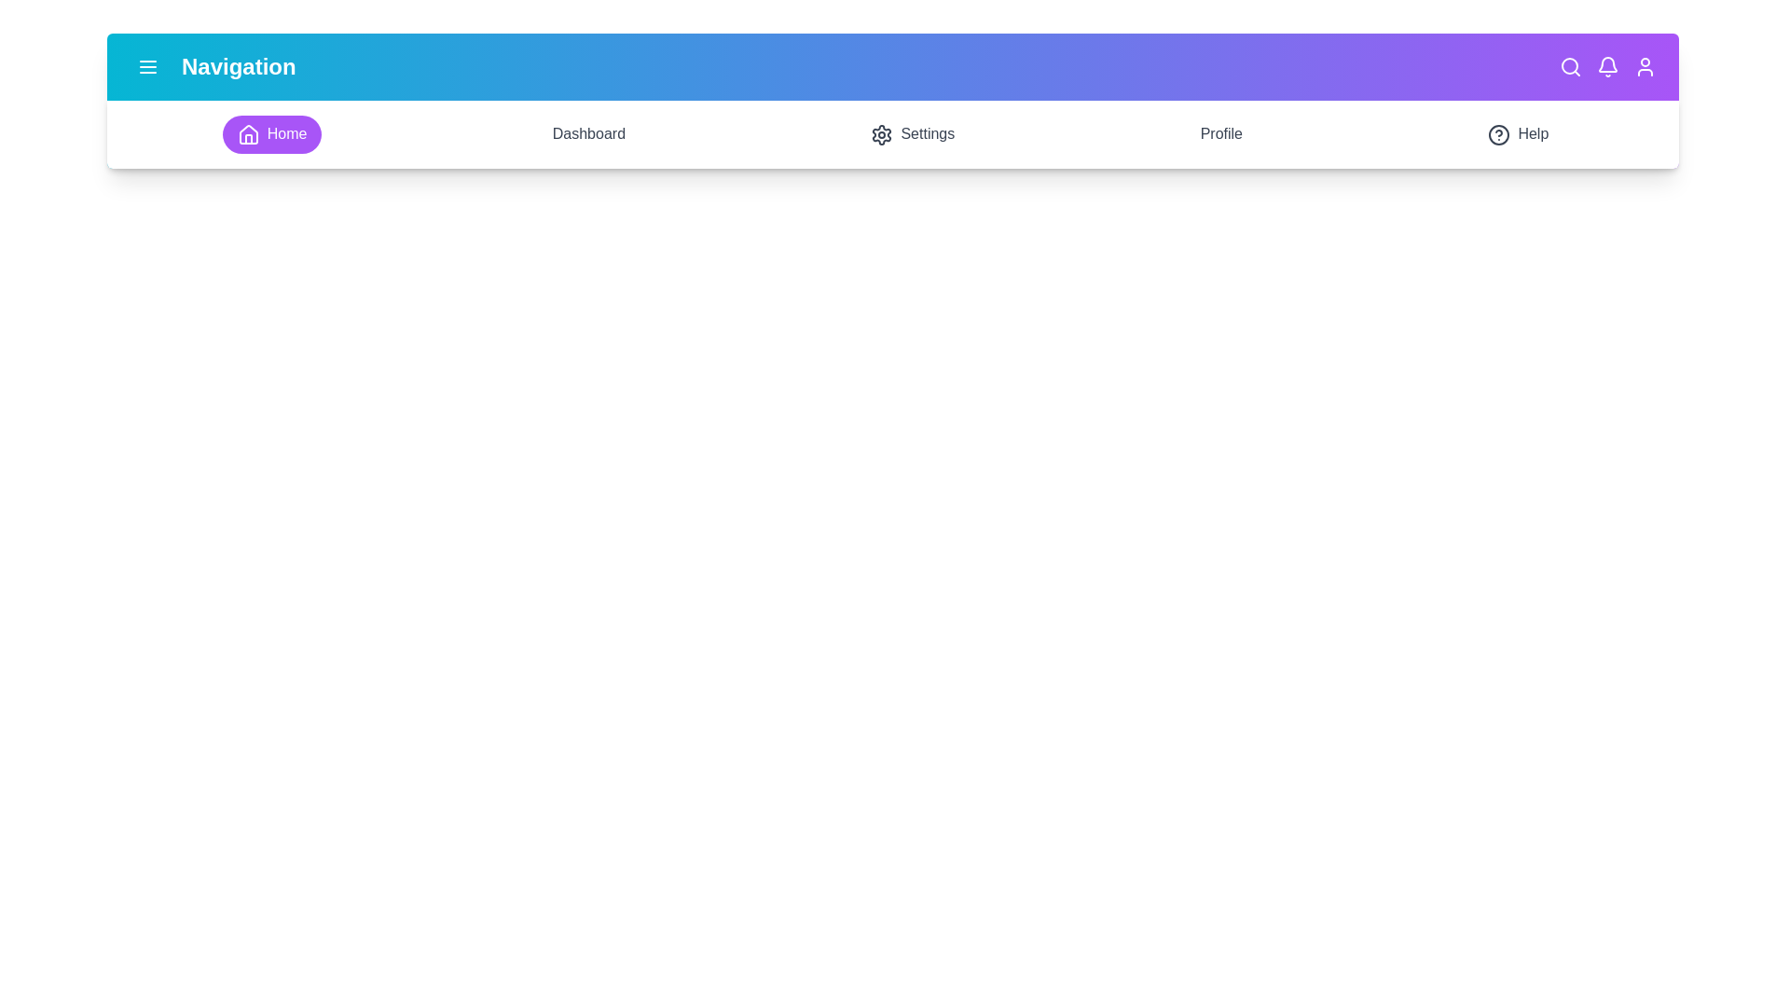 The width and height of the screenshot is (1790, 1007). Describe the element at coordinates (237, 66) in the screenshot. I see `the navigation bar title` at that location.